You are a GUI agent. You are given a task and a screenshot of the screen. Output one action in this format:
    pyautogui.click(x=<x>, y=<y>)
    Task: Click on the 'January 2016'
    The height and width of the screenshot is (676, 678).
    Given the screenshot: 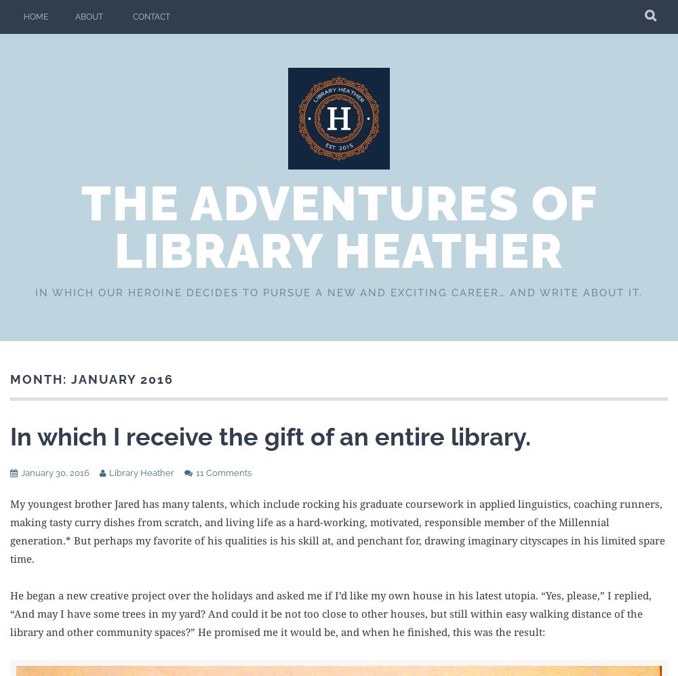 What is the action you would take?
    pyautogui.click(x=122, y=379)
    